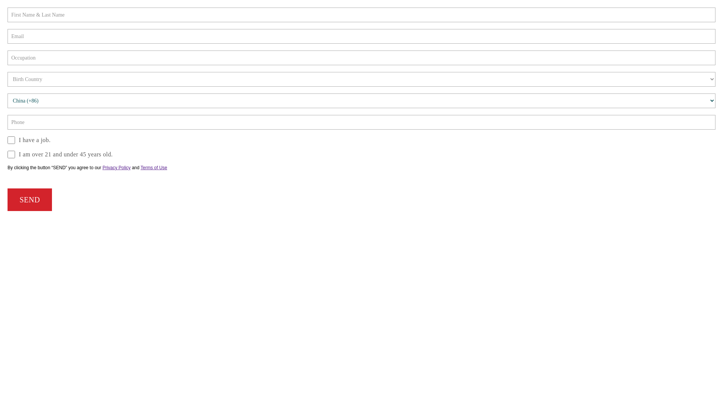 This screenshot has height=407, width=723. I want to click on 'Privacy Policy', so click(116, 167).